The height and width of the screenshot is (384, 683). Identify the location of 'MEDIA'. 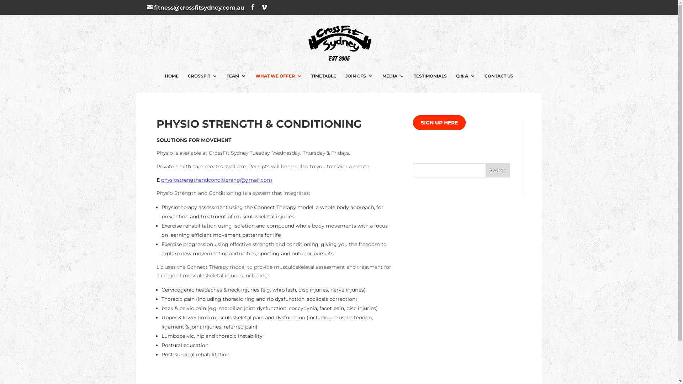
(392, 78).